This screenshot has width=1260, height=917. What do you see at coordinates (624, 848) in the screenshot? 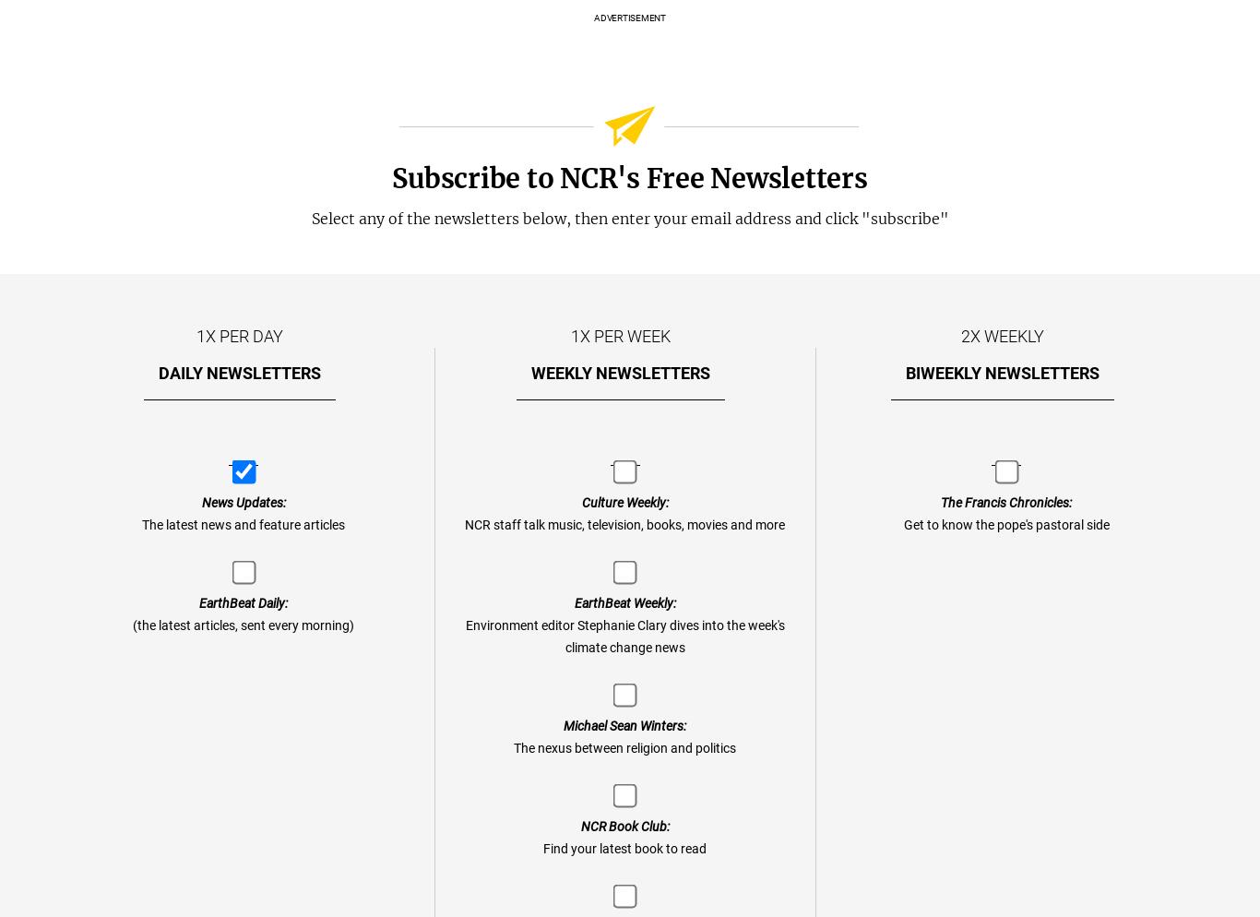
I see `'Find your latest book to read'` at bounding box center [624, 848].